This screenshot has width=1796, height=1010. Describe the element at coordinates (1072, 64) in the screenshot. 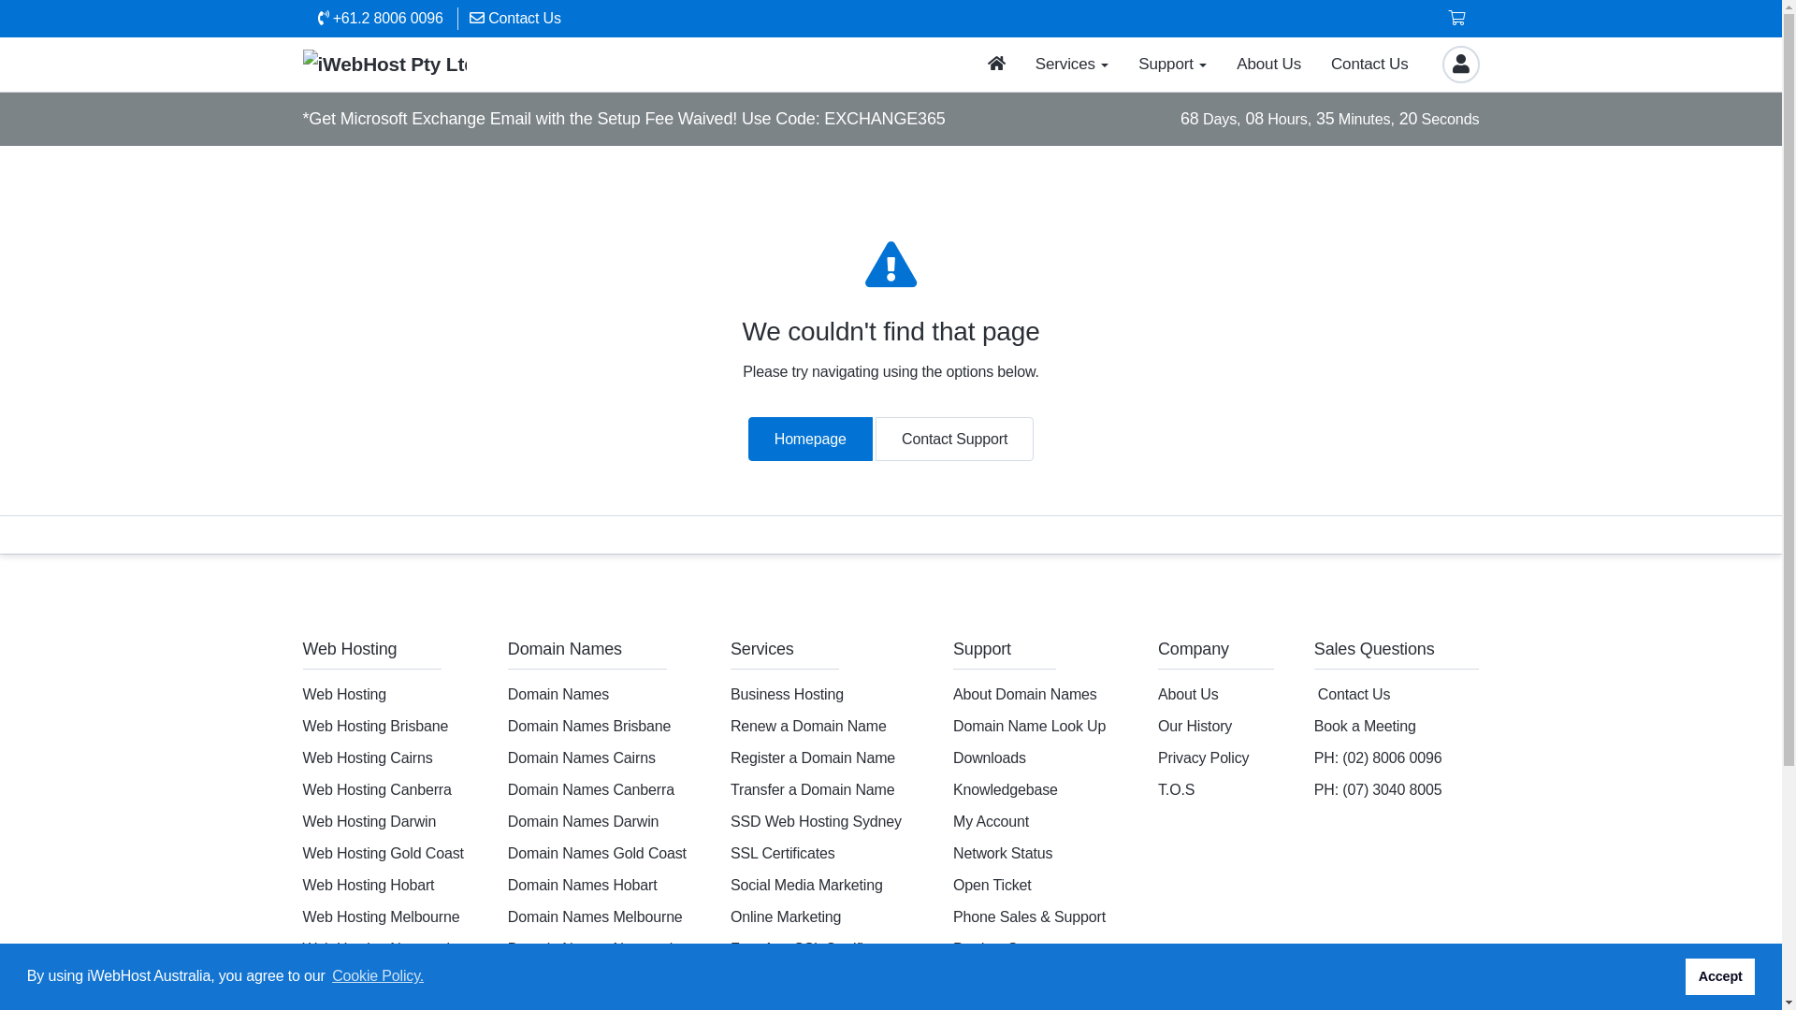

I see `'Services'` at that location.